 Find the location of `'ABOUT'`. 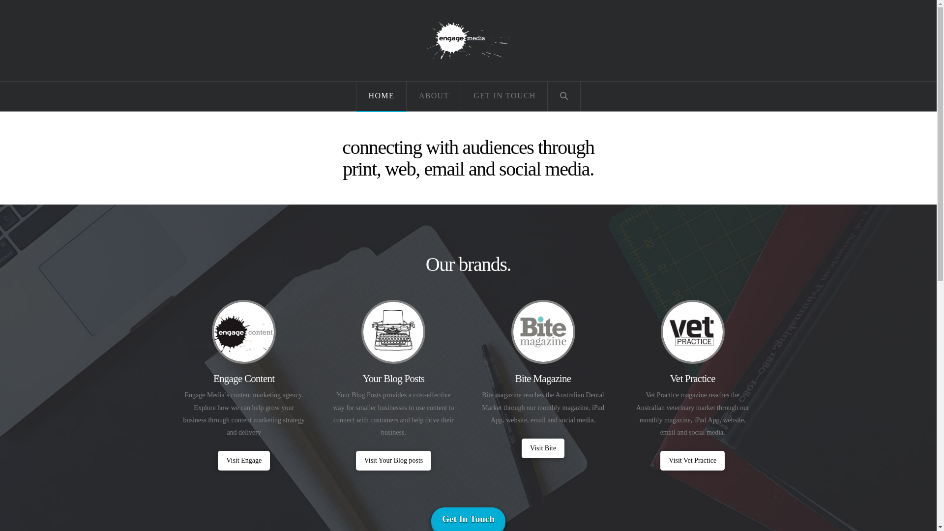

'ABOUT' is located at coordinates (434, 96).